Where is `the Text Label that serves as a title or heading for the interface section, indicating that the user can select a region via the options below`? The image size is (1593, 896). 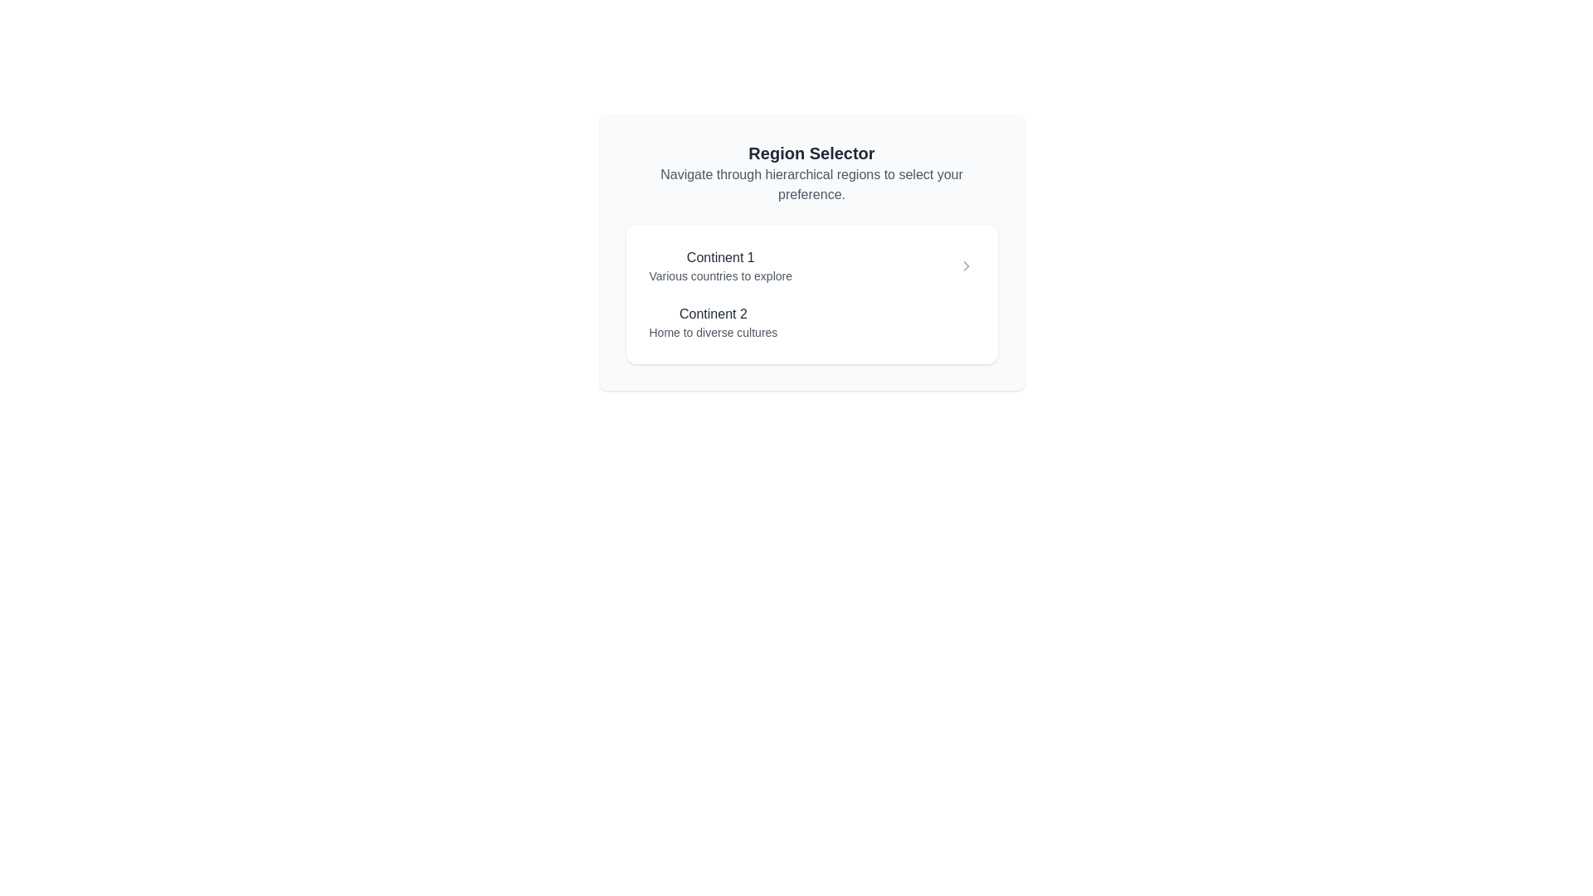 the Text Label that serves as a title or heading for the interface section, indicating that the user can select a region via the options below is located at coordinates (811, 153).